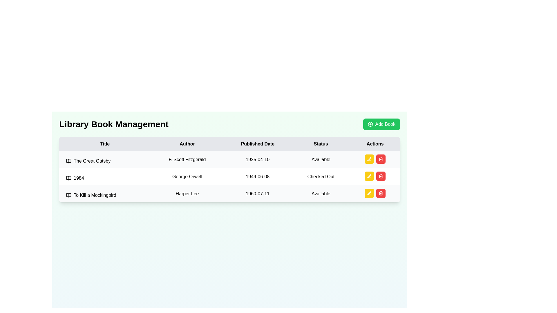 This screenshot has height=313, width=557. What do you see at coordinates (257, 144) in the screenshot?
I see `the table header element labeled 'Published Date', which is the third column header in the table layout with a light gray background and black text` at bounding box center [257, 144].